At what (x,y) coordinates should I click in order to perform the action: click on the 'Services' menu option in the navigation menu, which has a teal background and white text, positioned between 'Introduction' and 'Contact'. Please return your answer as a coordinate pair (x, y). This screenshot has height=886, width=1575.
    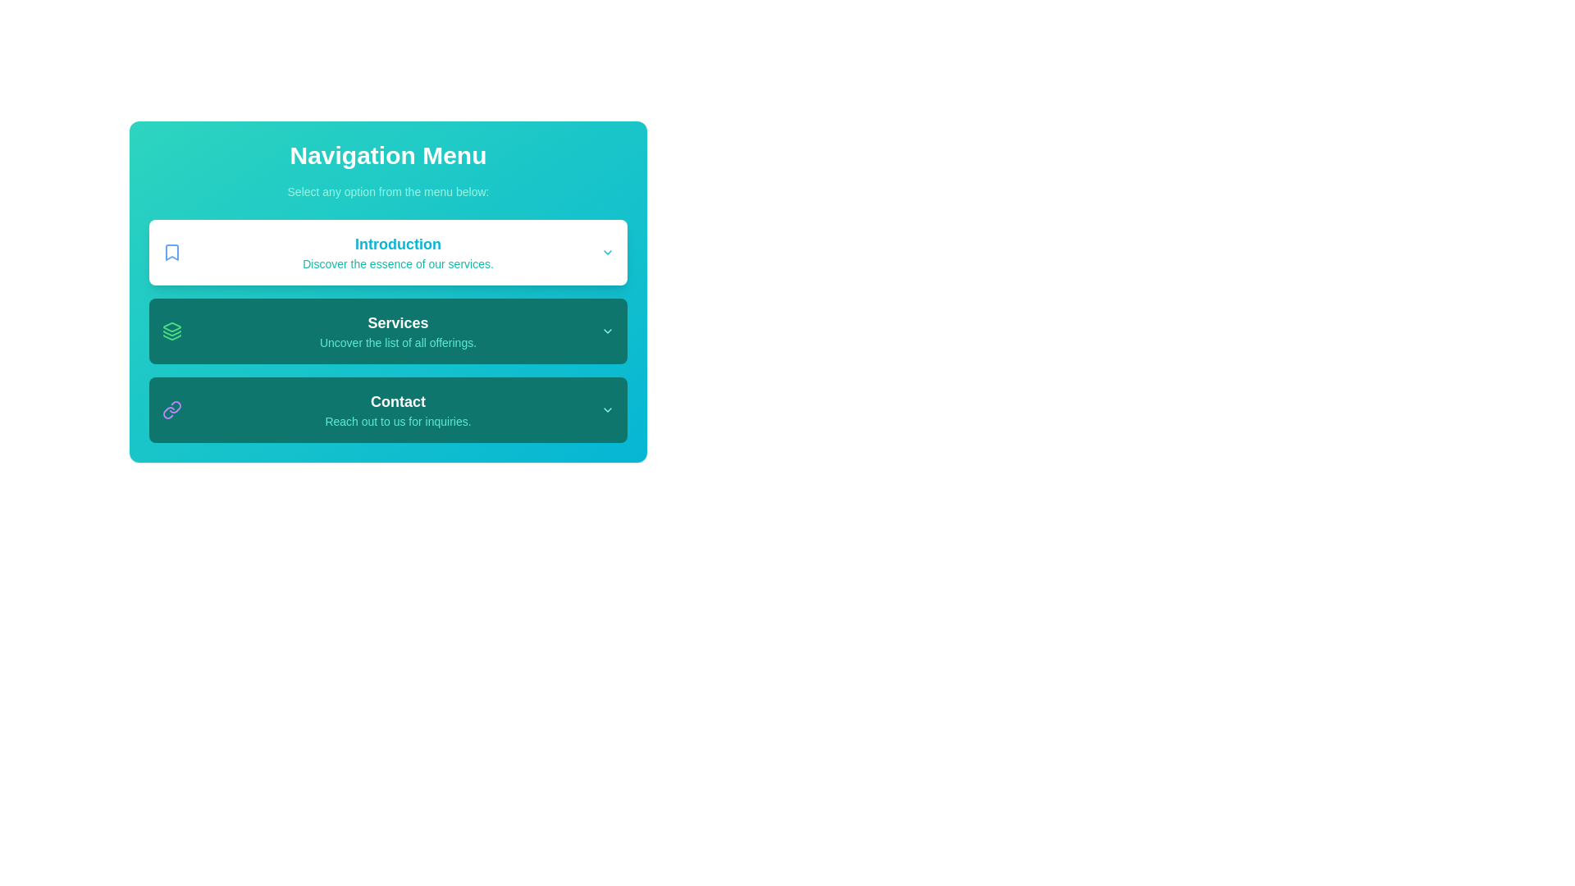
    Looking at the image, I should click on (387, 331).